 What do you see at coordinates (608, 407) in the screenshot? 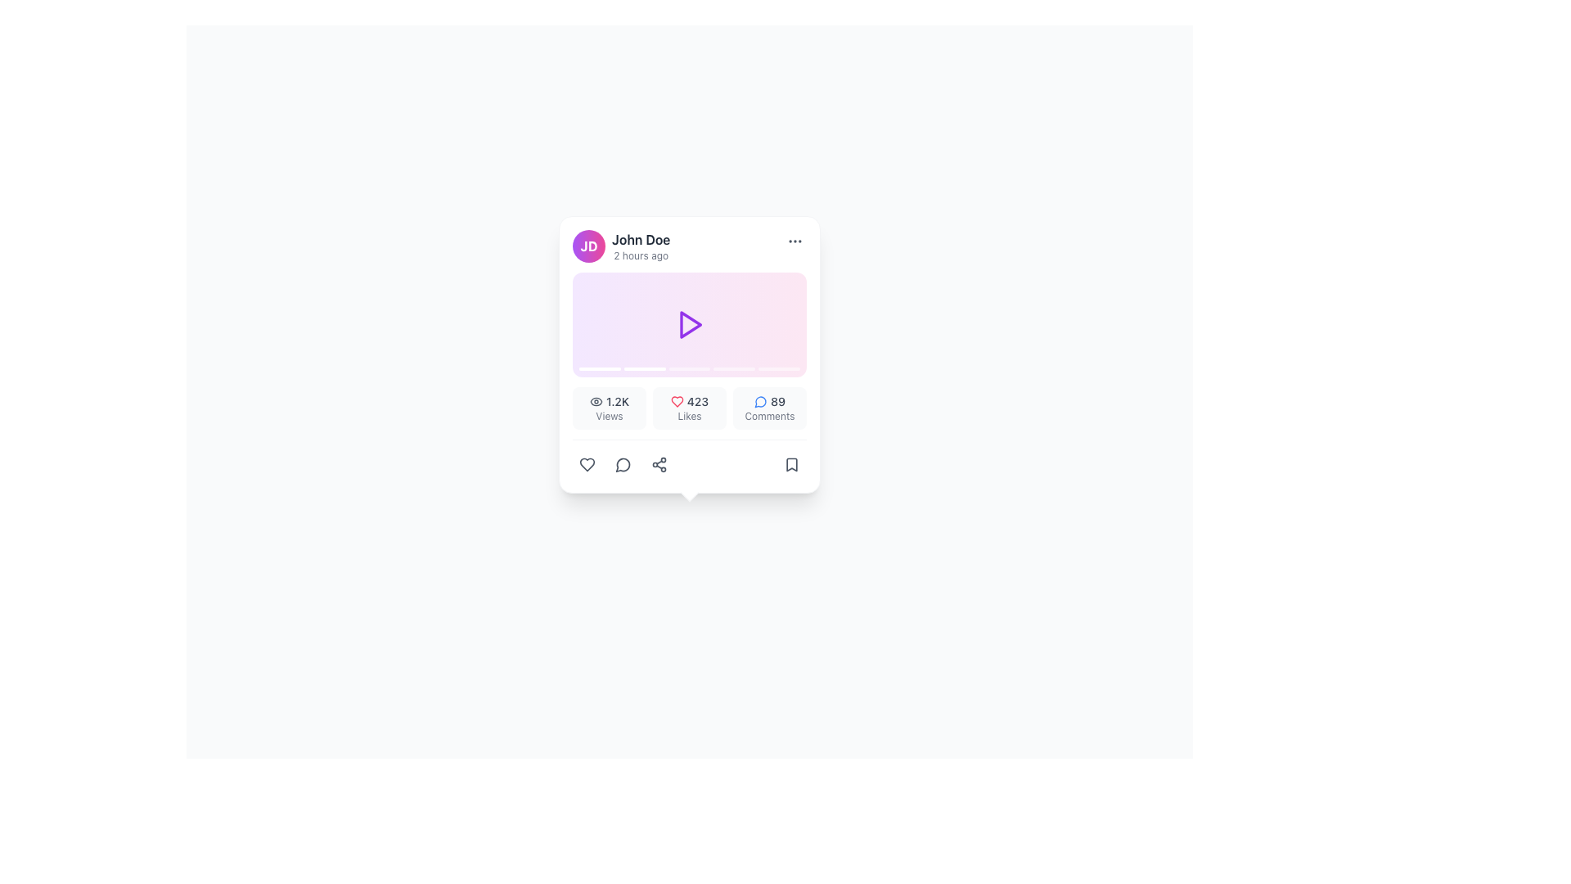
I see `the static informational display showing '1.2K Views' with an eye icon, which is located in the leftmost cell of a three-column grid at the bottom of a card-like structure` at bounding box center [608, 407].